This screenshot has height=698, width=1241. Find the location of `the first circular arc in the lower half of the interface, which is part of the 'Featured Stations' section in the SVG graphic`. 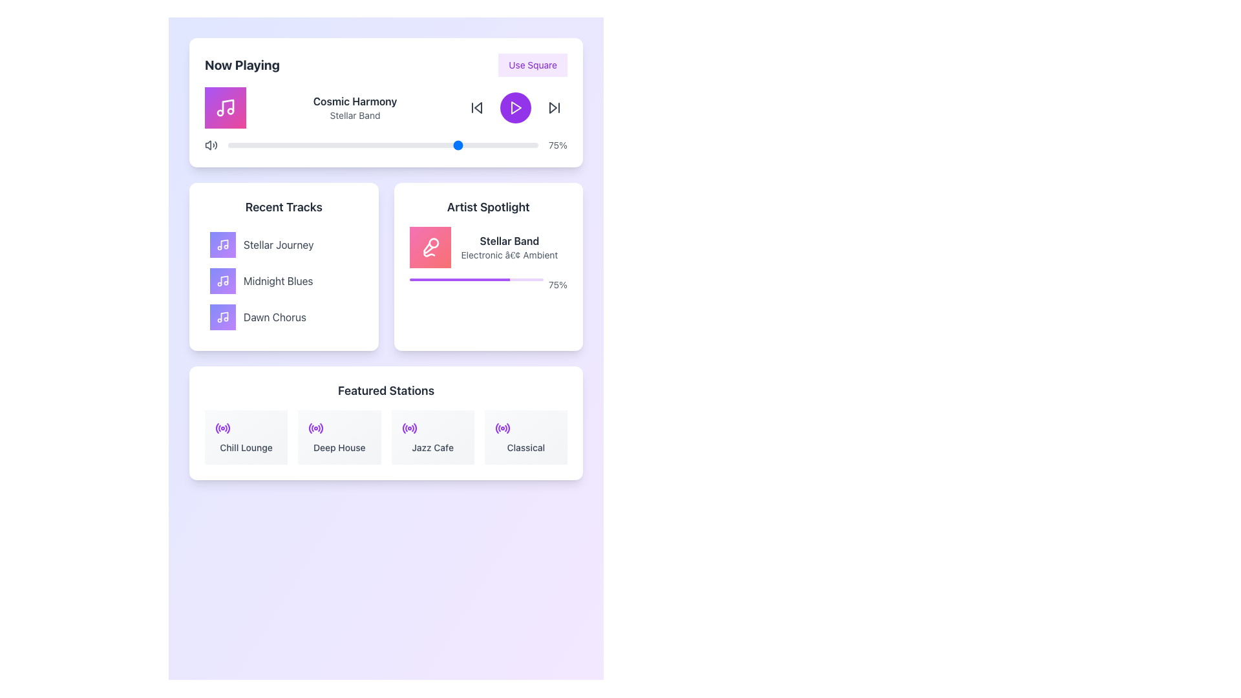

the first circular arc in the lower half of the interface, which is part of the 'Featured Stations' section in the SVG graphic is located at coordinates (217, 428).